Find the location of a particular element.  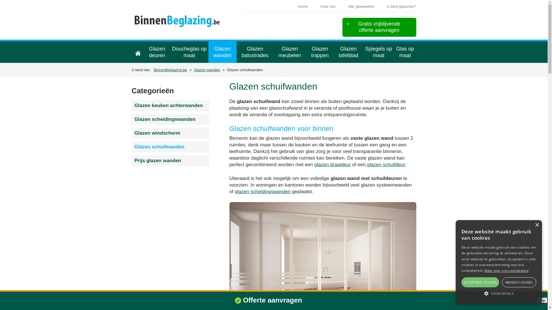

'Gratis vrijblijvende offerte aanvragen' is located at coordinates (342, 27).